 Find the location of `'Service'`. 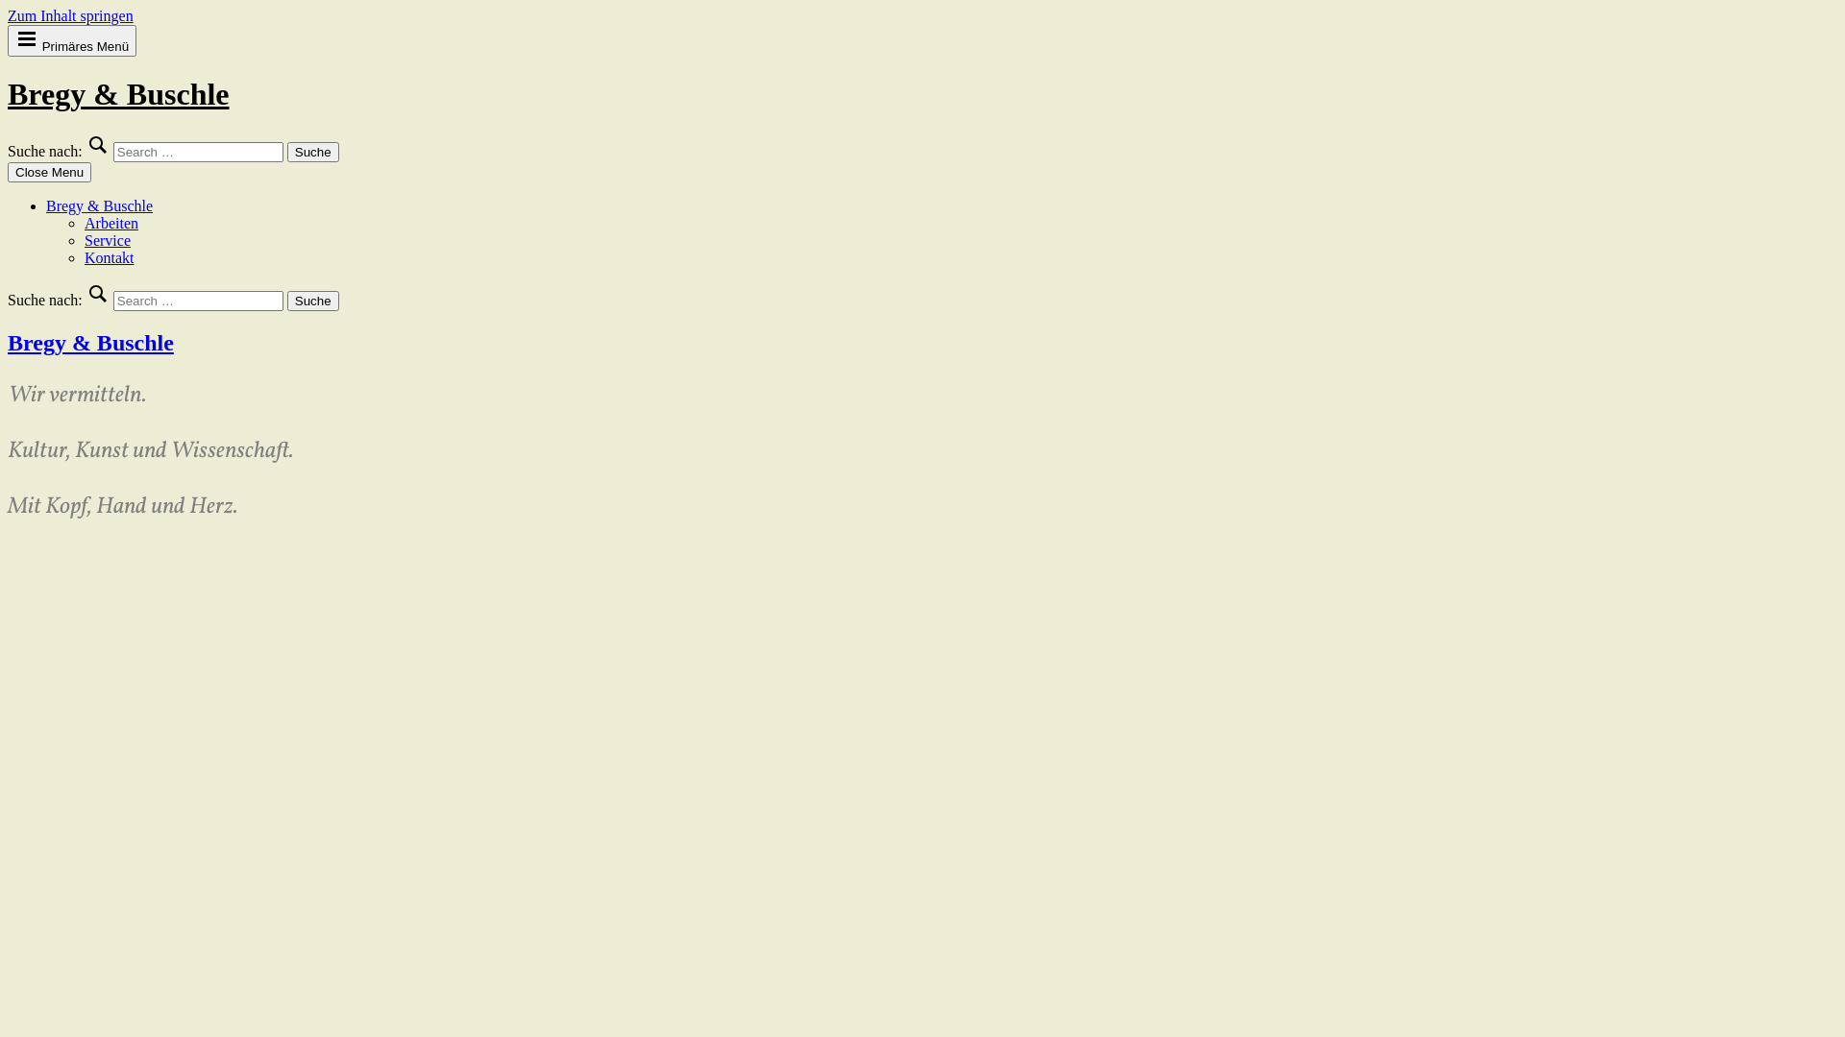

'Service' is located at coordinates (106, 239).